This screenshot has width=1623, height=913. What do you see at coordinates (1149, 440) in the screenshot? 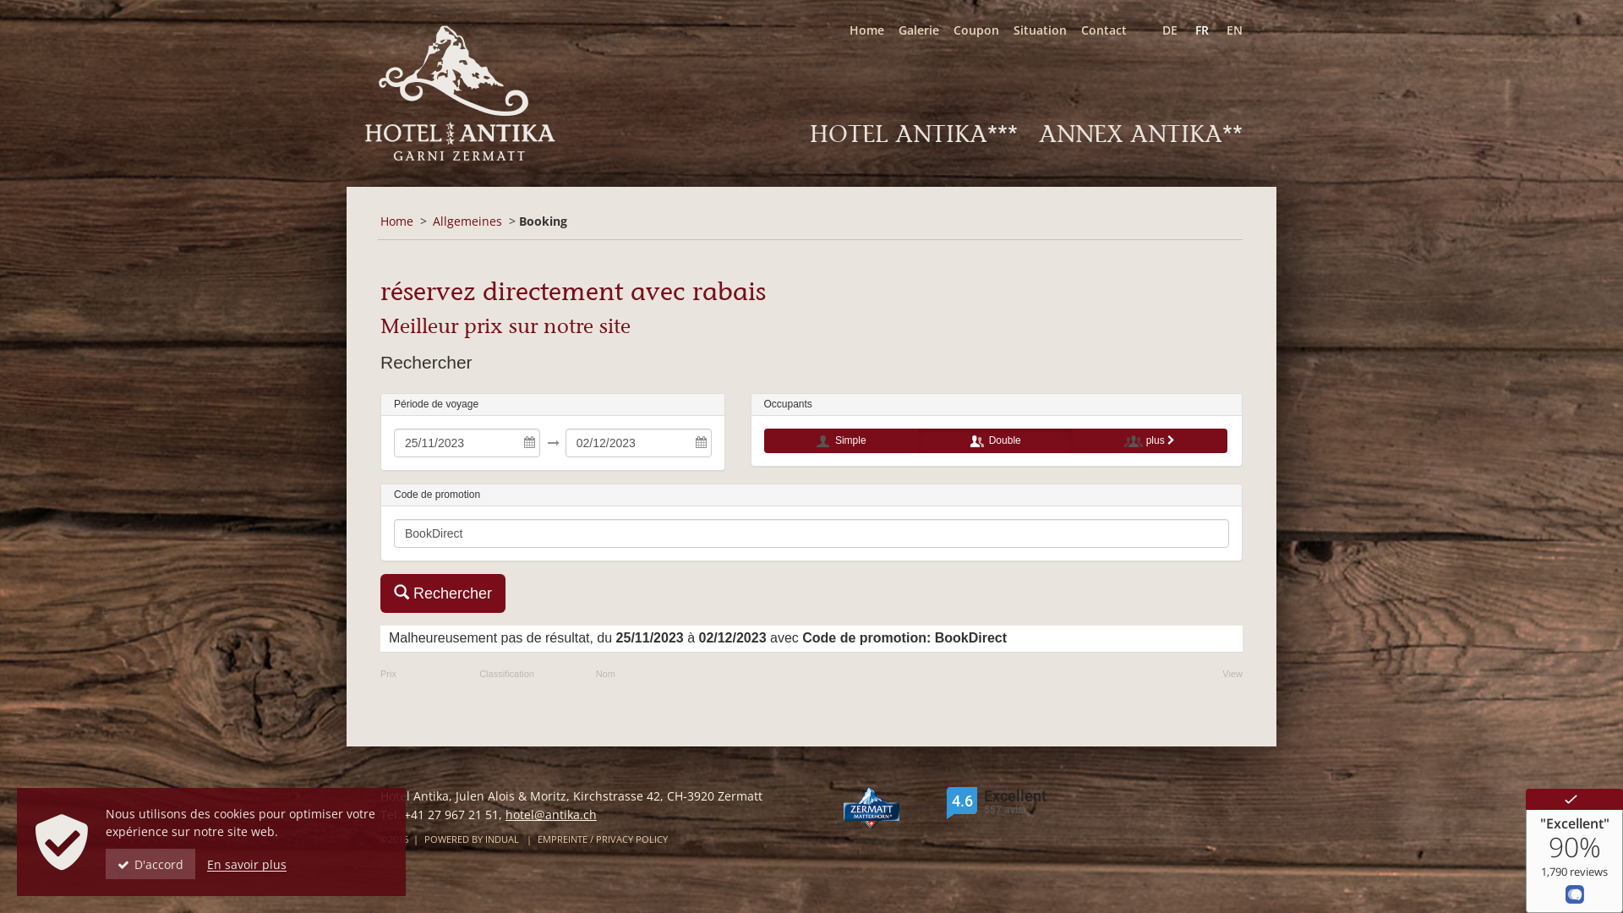
I see `'plus'` at bounding box center [1149, 440].